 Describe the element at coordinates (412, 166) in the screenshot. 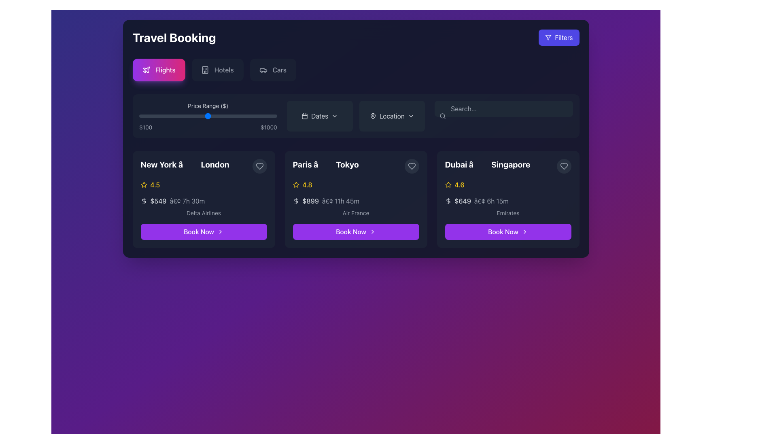

I see `the distinct heart-shaped icon located in the upper-right corner of the Paris-to-Tokyo travel option card` at that location.